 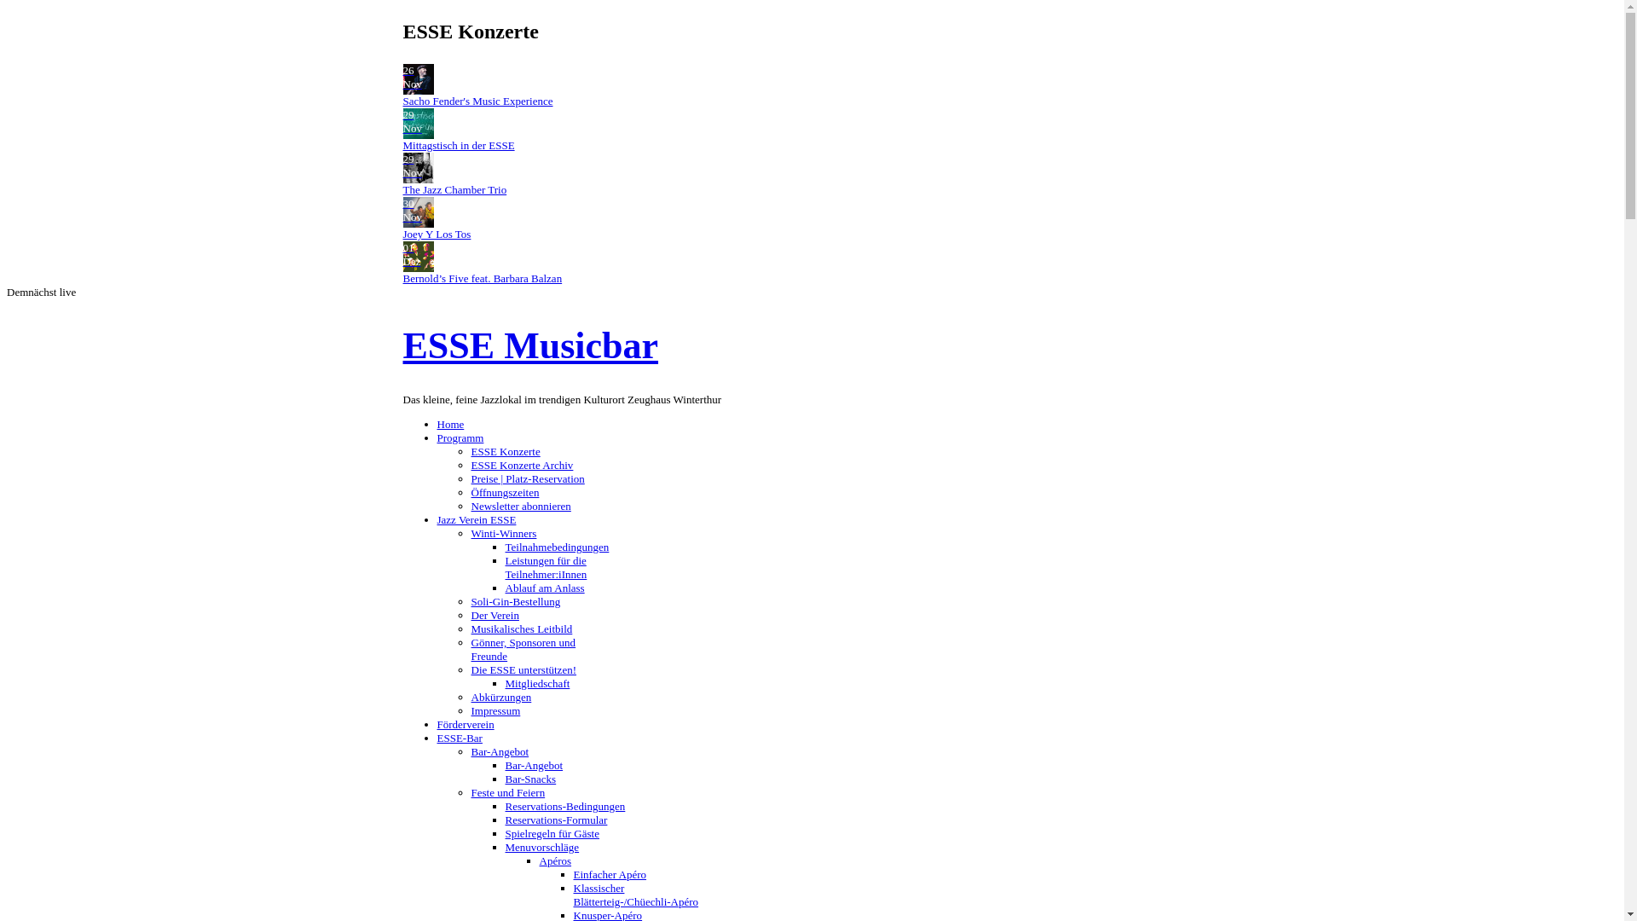 I want to click on '26, so click(x=810, y=85).